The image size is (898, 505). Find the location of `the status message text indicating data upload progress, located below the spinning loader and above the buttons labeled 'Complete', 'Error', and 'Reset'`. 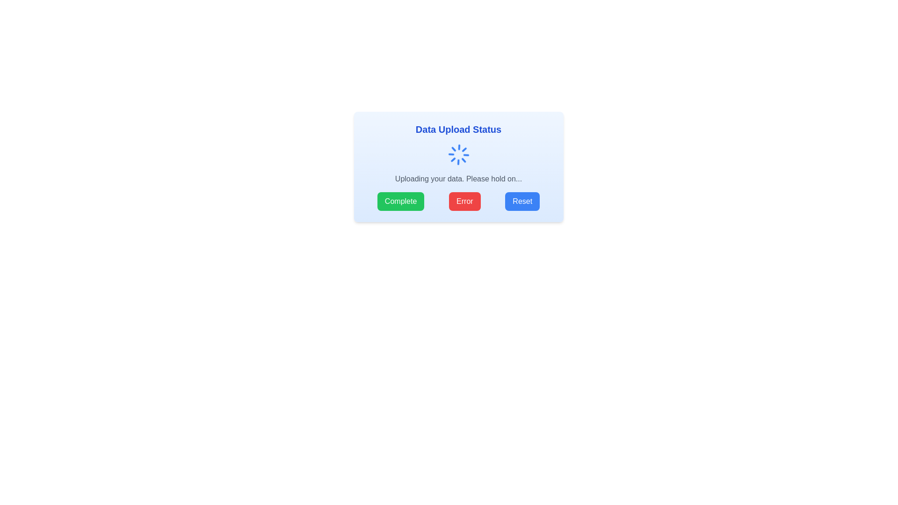

the status message text indicating data upload progress, located below the spinning loader and above the buttons labeled 'Complete', 'Error', and 'Reset' is located at coordinates (458, 179).